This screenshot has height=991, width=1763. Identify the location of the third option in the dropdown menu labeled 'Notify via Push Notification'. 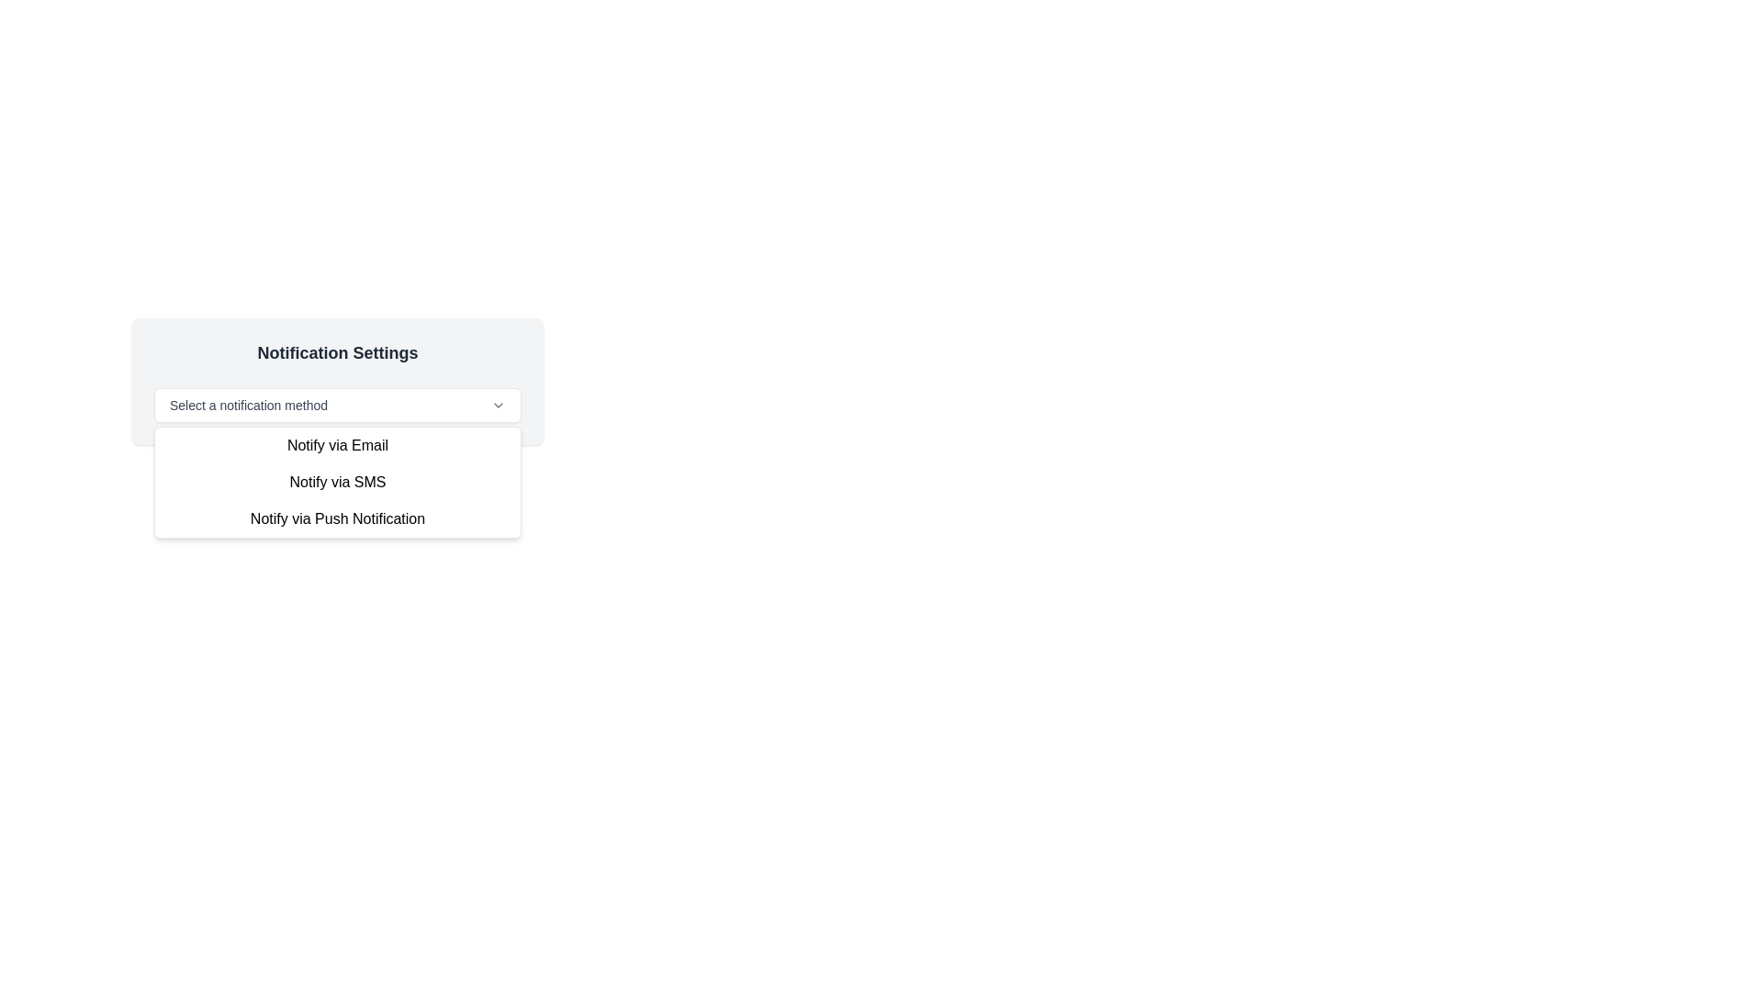
(338, 519).